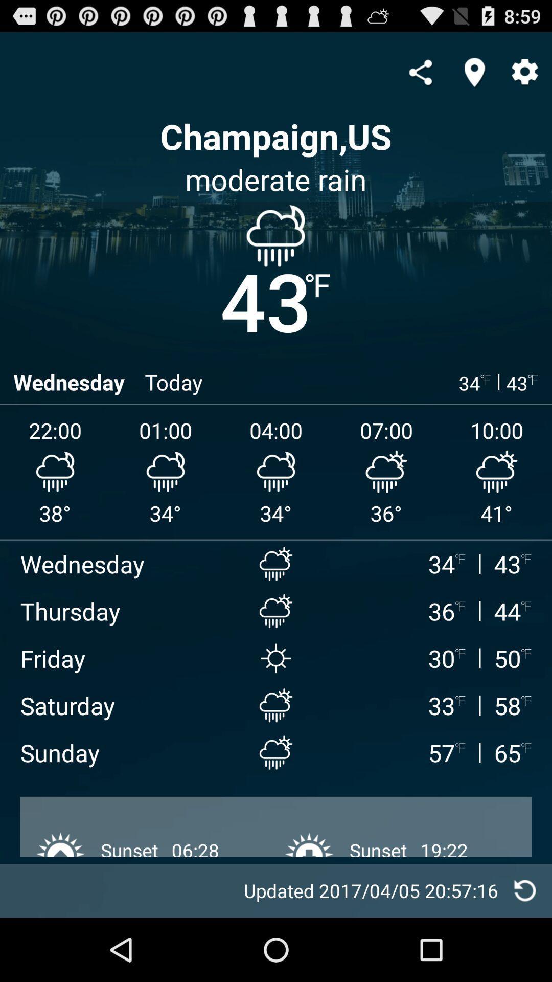 This screenshot has height=982, width=552. I want to click on share your location, so click(474, 72).